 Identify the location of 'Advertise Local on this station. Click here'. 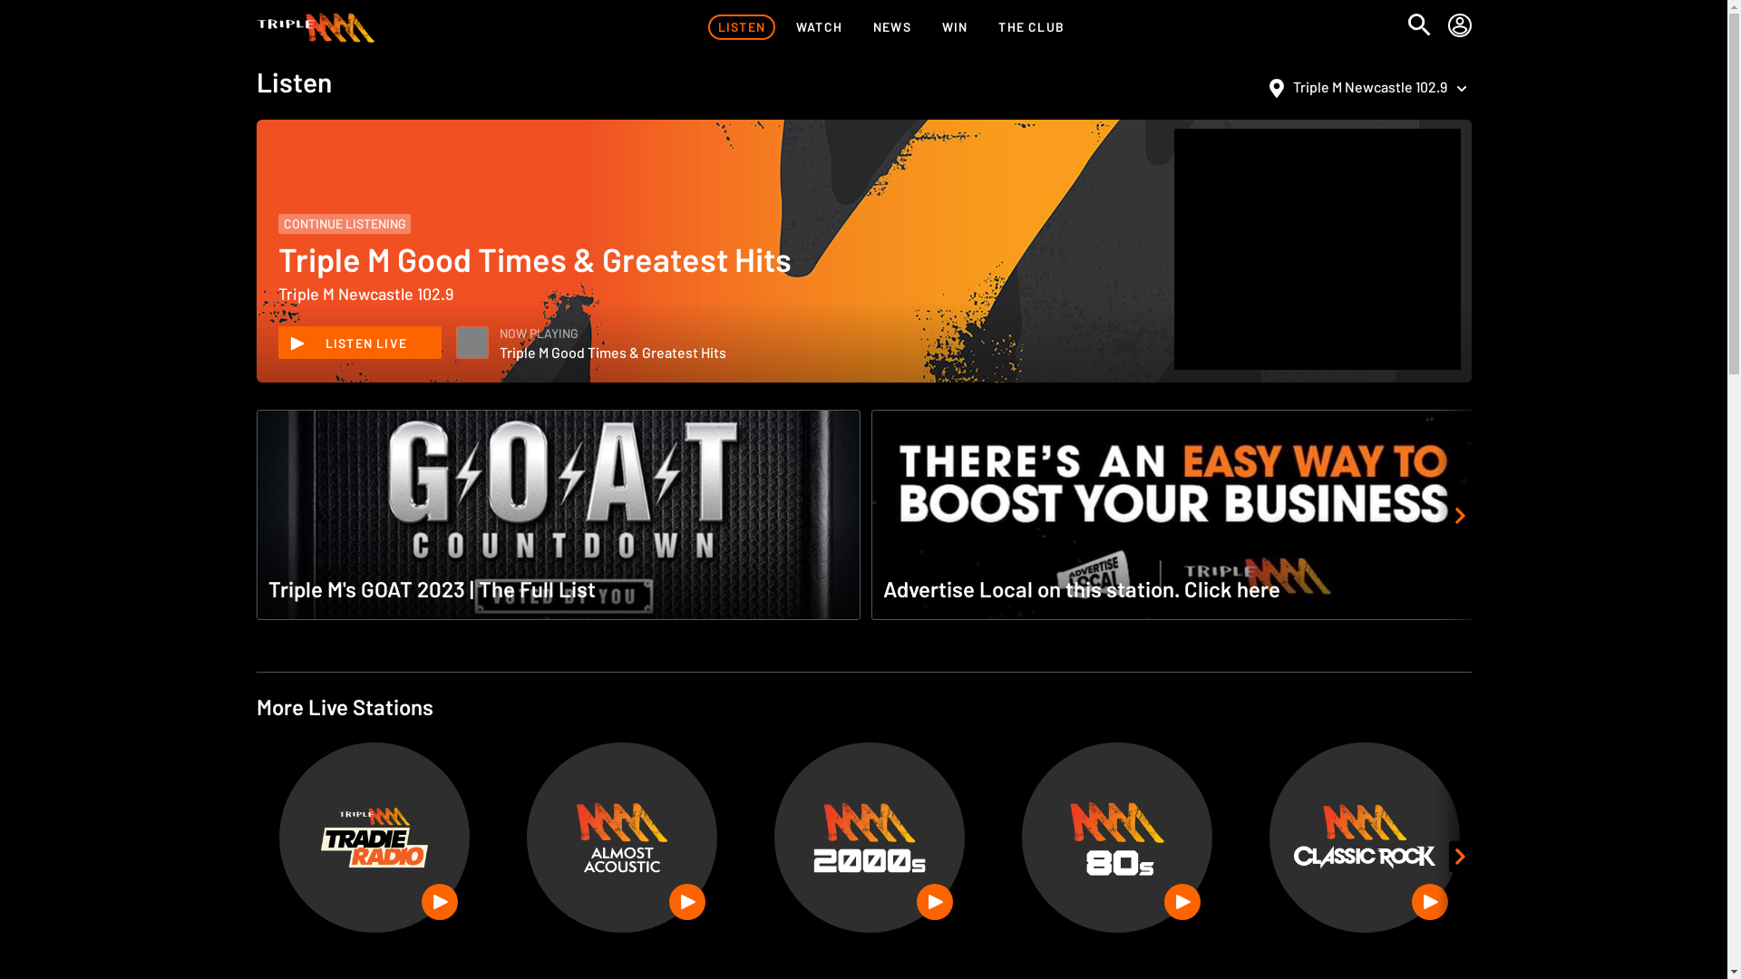
(864, 516).